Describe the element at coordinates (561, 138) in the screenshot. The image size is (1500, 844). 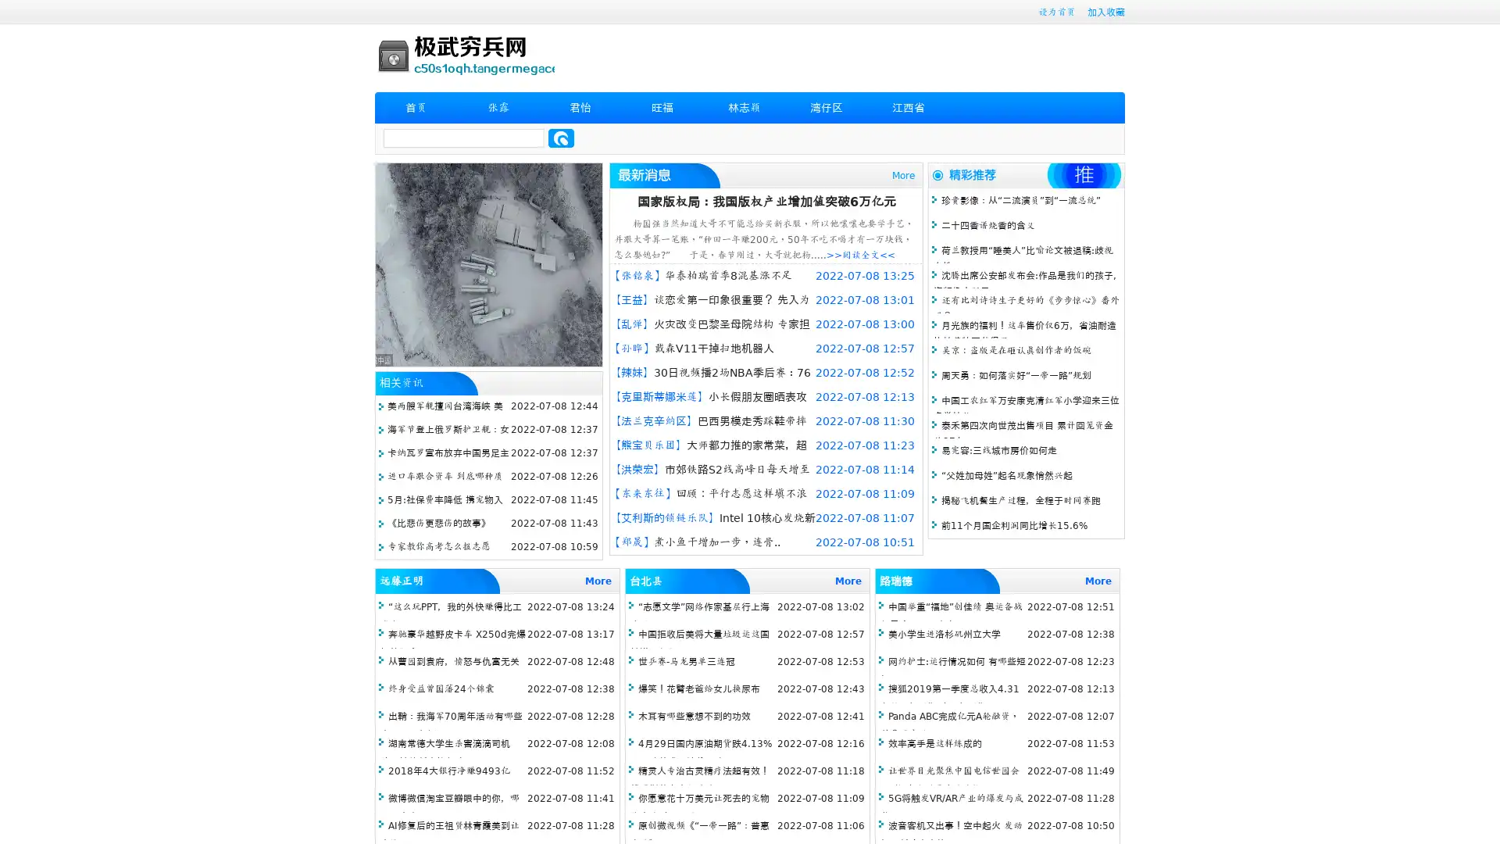
I see `Search` at that location.